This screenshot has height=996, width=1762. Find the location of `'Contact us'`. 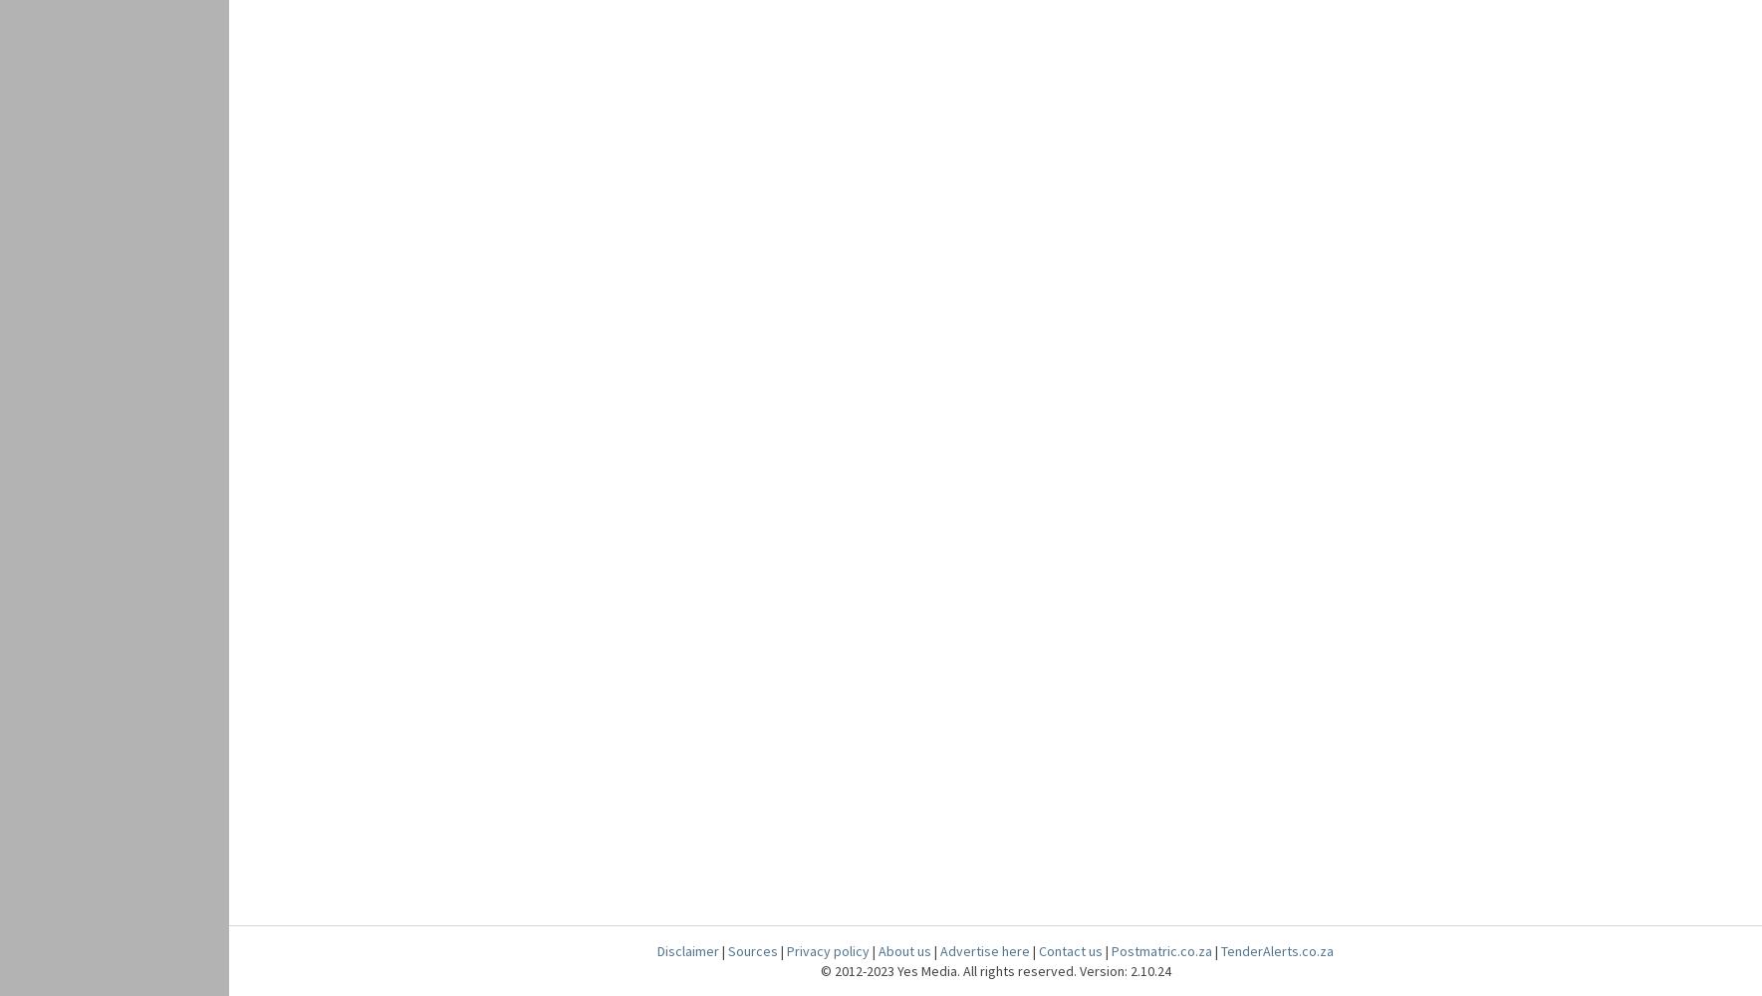

'Contact us' is located at coordinates (1070, 950).